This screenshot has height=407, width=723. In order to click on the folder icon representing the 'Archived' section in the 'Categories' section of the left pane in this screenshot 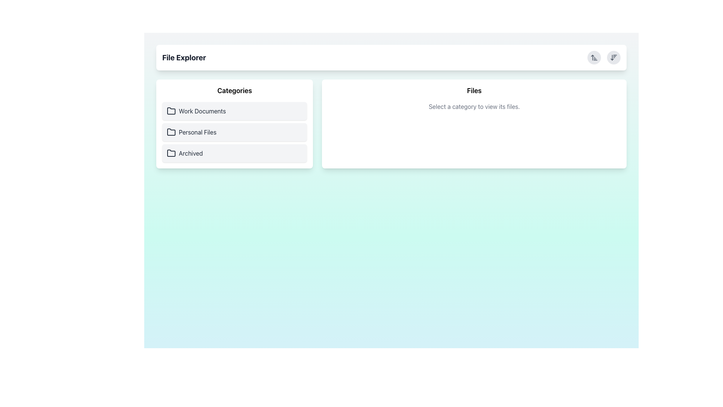, I will do `click(171, 153)`.